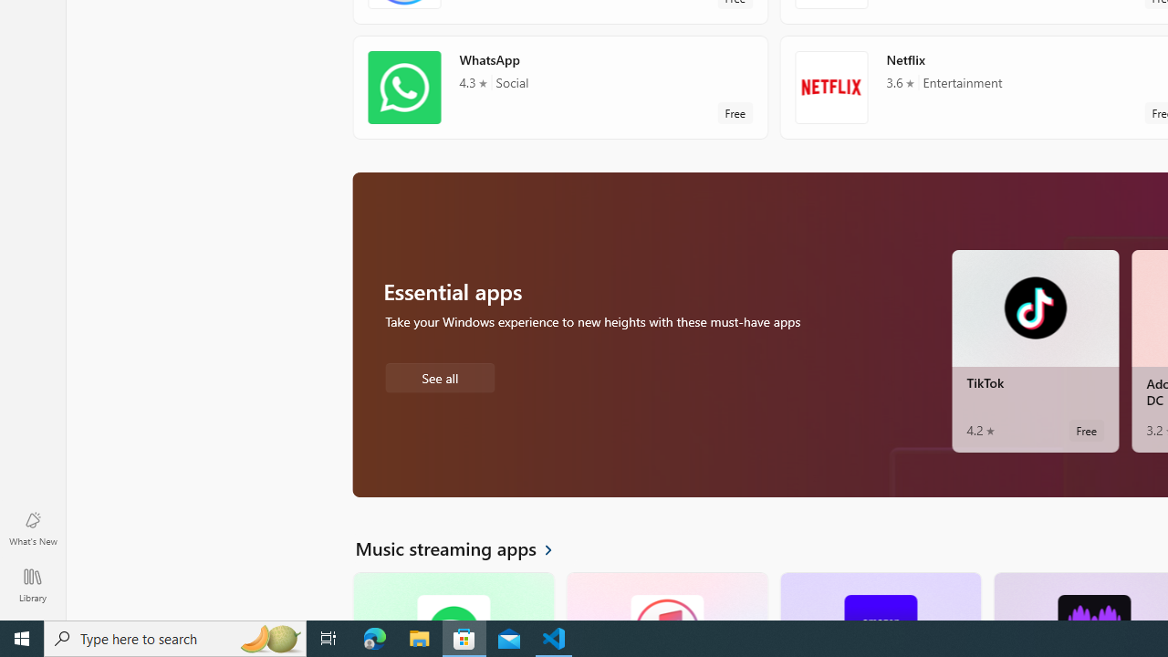  I want to click on 'Library', so click(32, 584).